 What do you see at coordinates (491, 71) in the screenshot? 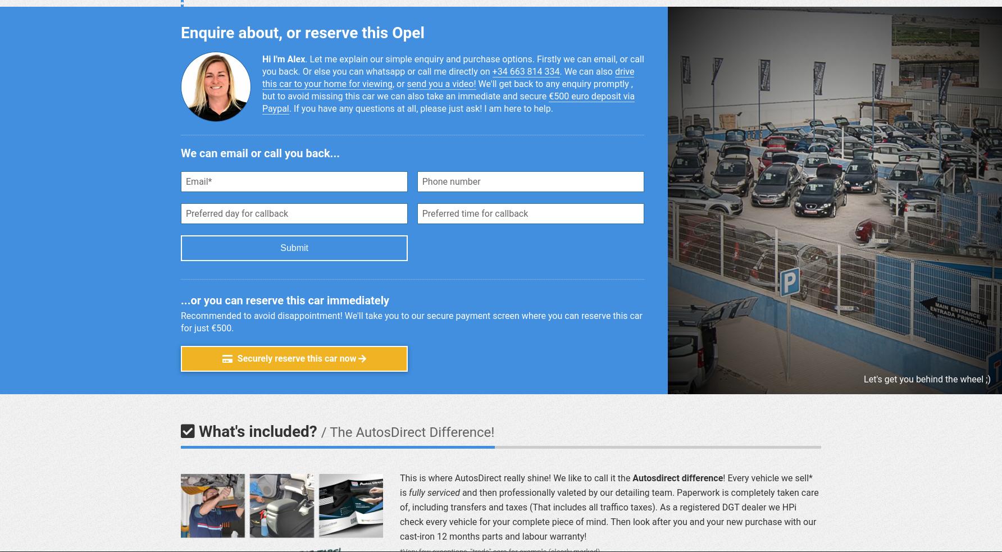
I see `'+34 663 814 334'` at bounding box center [491, 71].